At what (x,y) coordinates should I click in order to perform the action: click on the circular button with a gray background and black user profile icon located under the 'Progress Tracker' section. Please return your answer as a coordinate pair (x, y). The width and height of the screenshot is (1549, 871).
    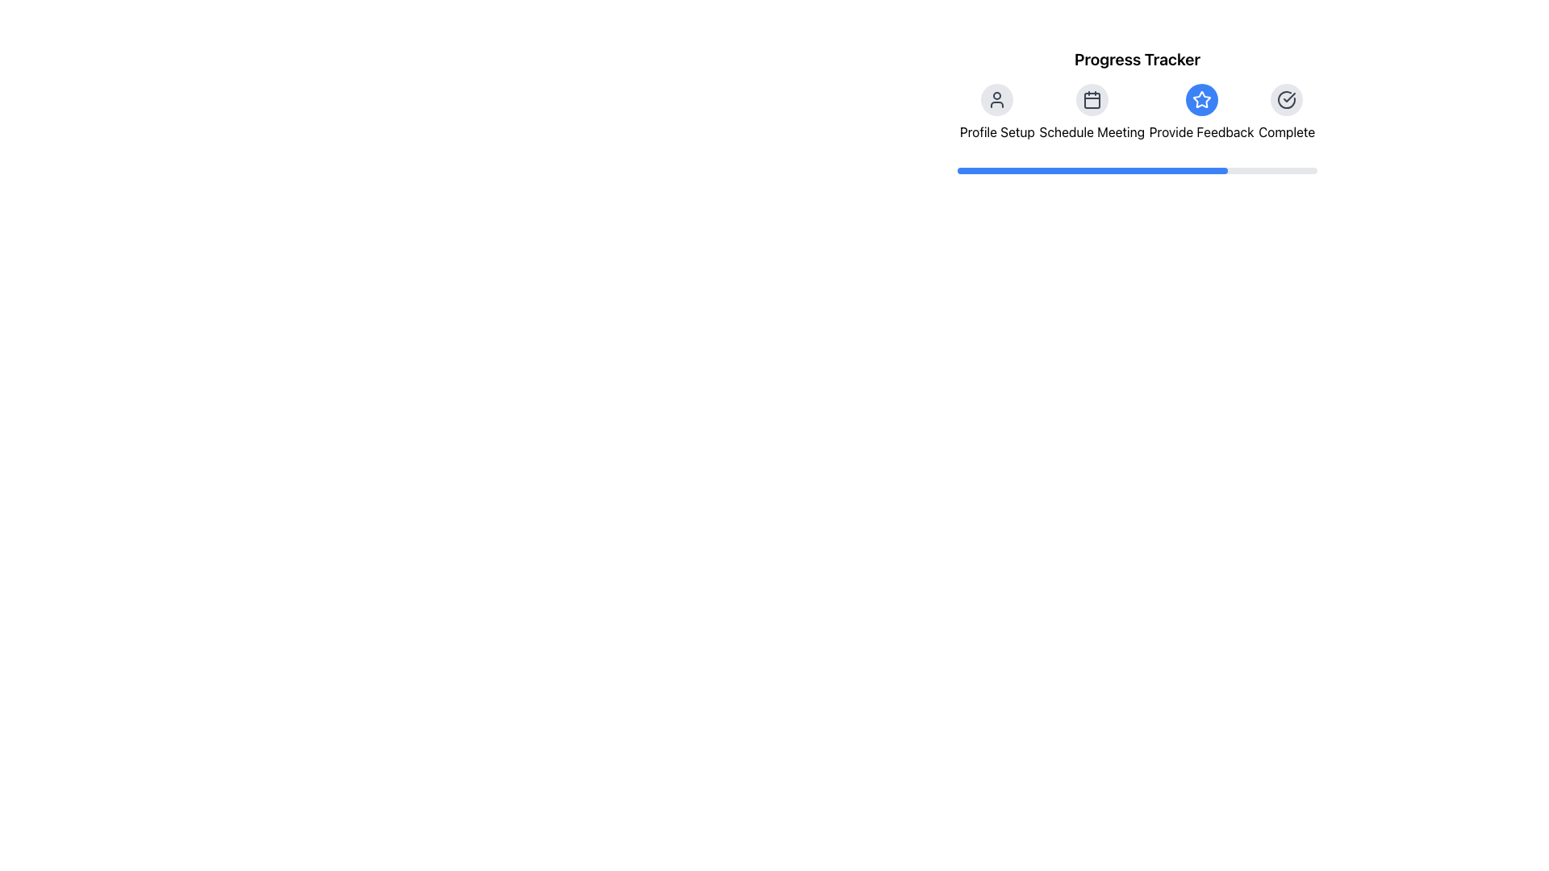
    Looking at the image, I should click on (996, 99).